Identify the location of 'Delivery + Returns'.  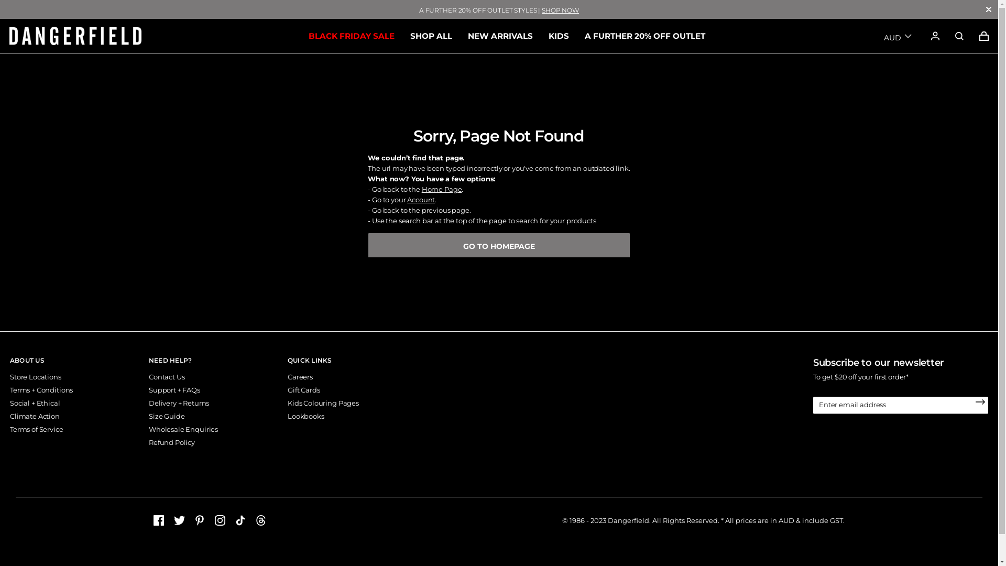
(179, 402).